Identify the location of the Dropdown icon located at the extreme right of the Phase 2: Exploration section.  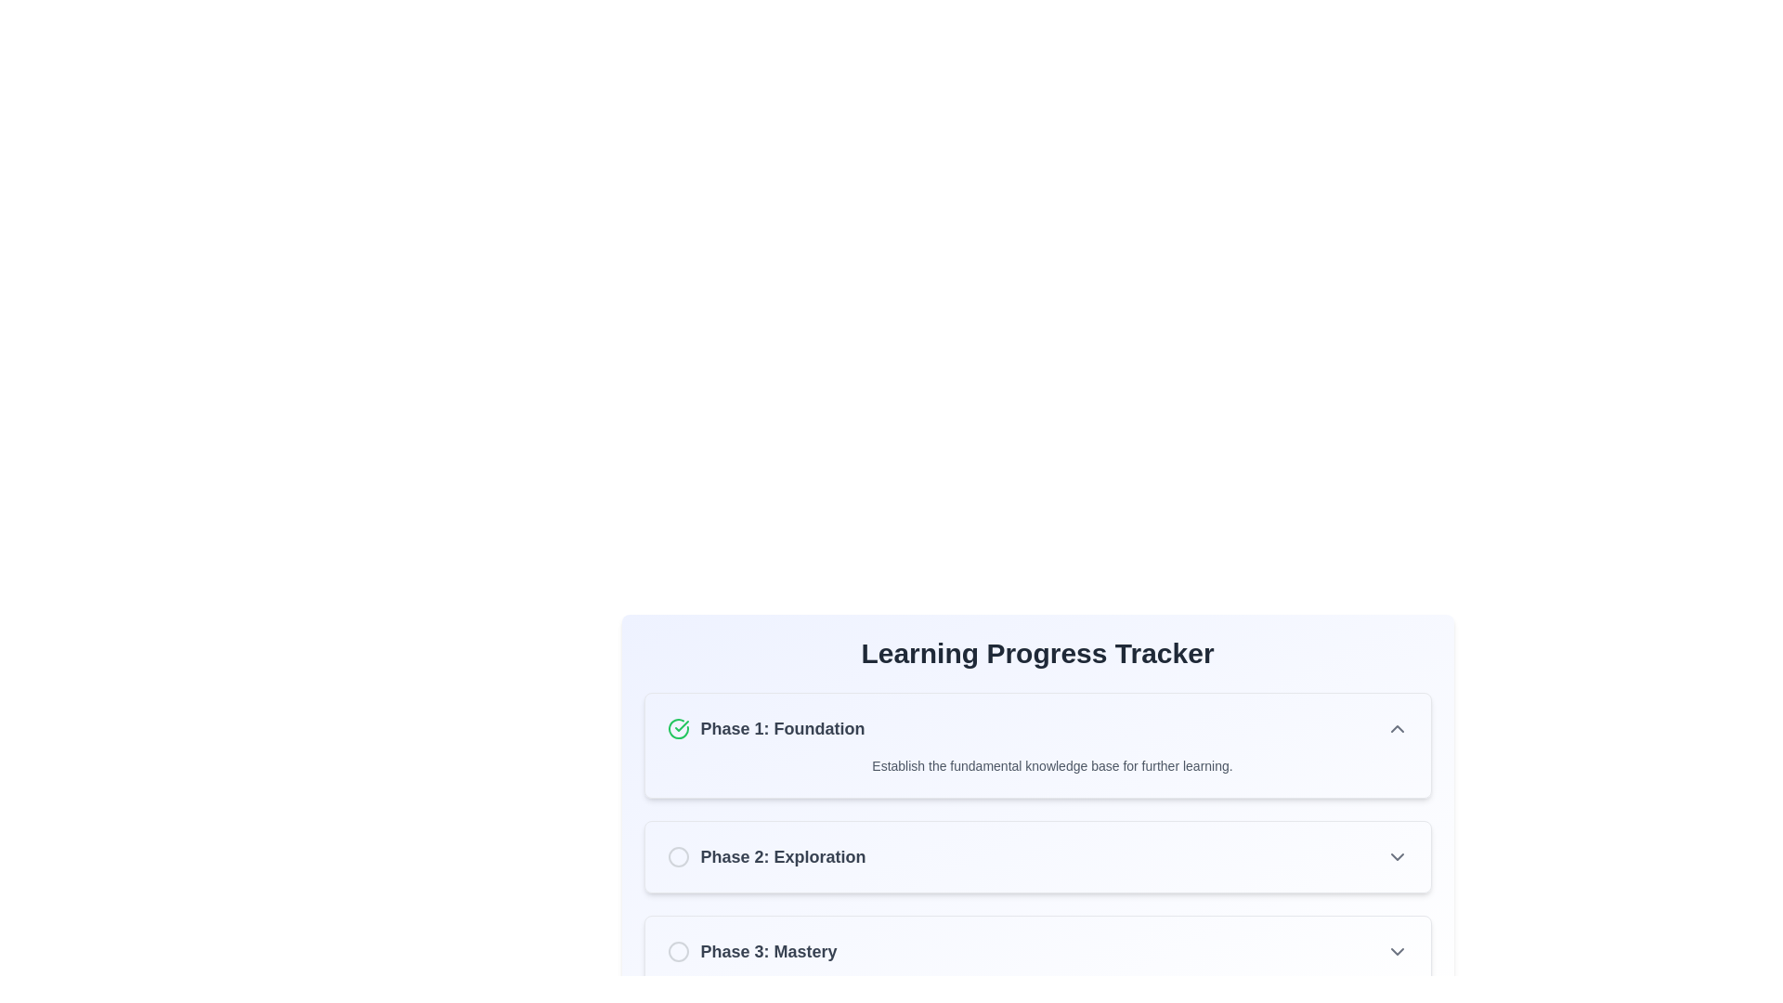
(1397, 856).